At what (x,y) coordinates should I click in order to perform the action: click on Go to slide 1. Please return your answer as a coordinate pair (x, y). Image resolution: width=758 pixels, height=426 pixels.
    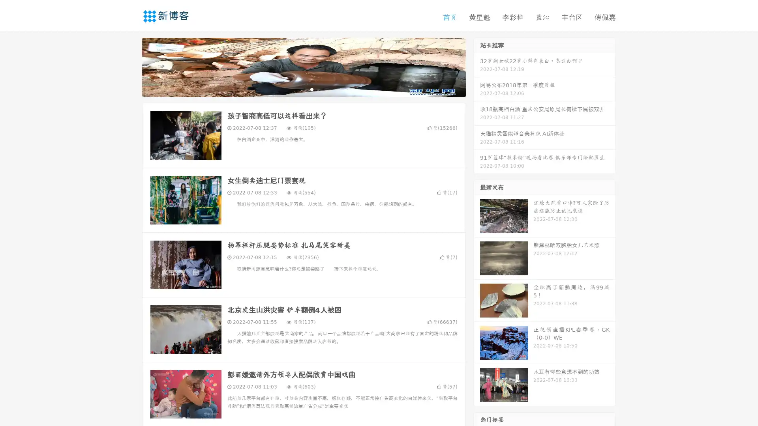
    Looking at the image, I should click on (295, 89).